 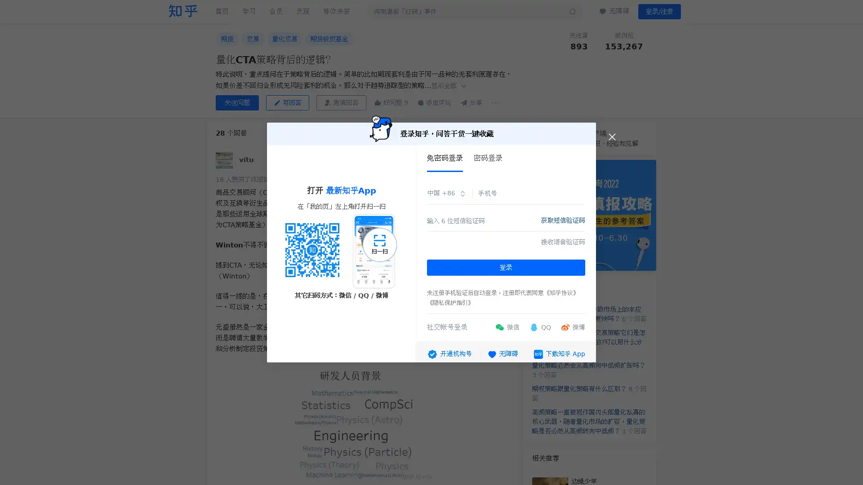 What do you see at coordinates (680, 34) in the screenshot?
I see `/` at bounding box center [680, 34].